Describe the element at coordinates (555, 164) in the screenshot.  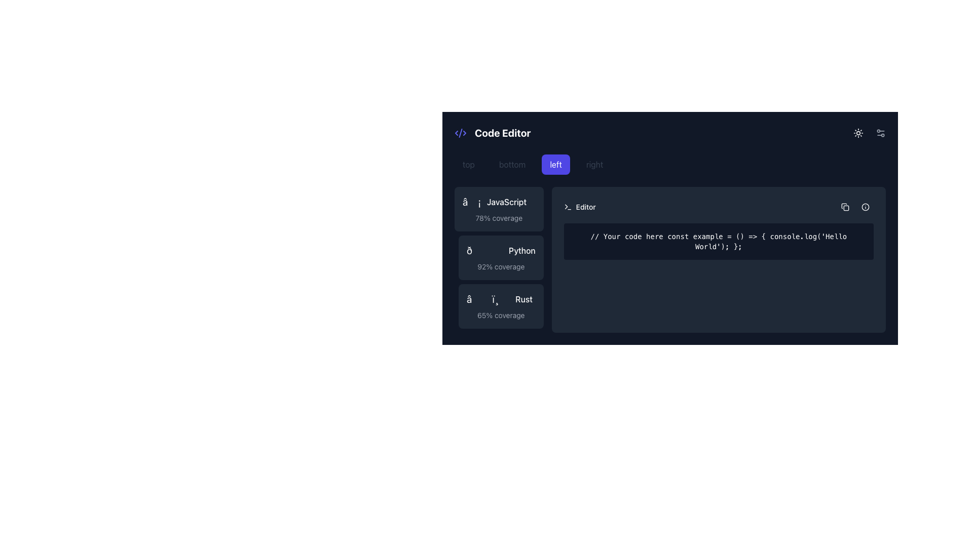
I see `the blue button with white text reading 'left'` at that location.